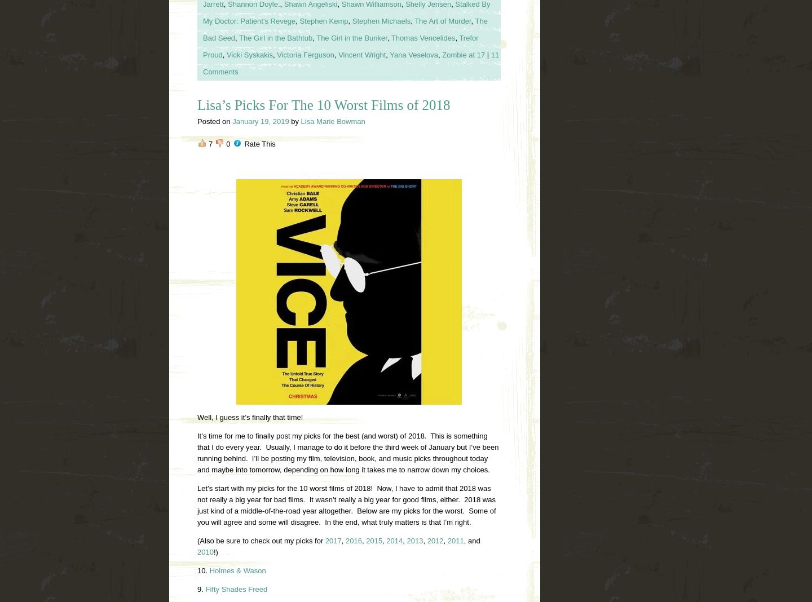 The height and width of the screenshot is (602, 812). What do you see at coordinates (361, 54) in the screenshot?
I see `'Vincent Wright'` at bounding box center [361, 54].